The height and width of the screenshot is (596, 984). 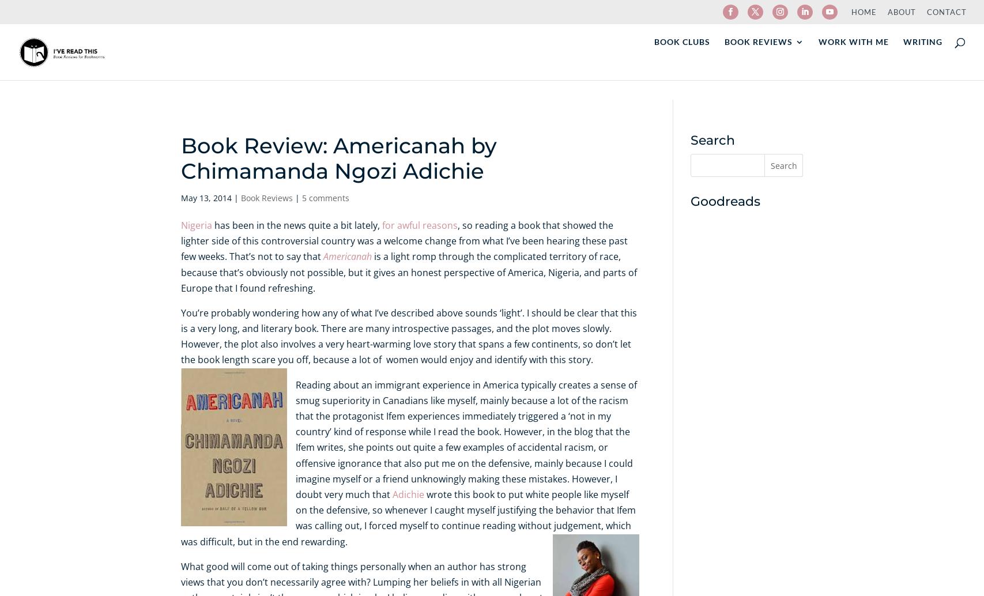 I want to click on 'Nigeria', so click(x=196, y=224).